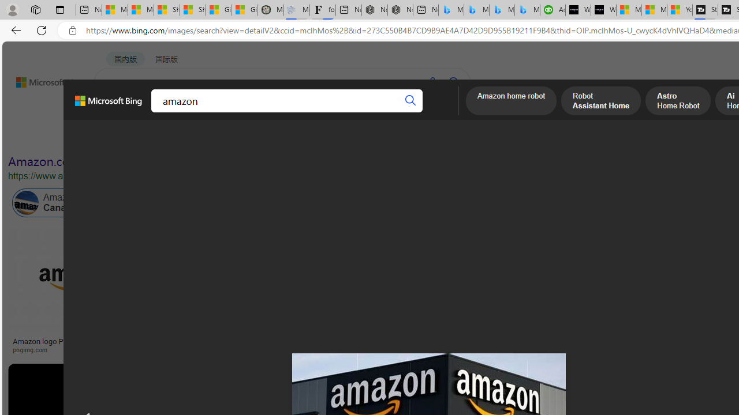  Describe the element at coordinates (552, 10) in the screenshot. I see `'Accounting Software for Accountants, CPAs and Bookkeepers'` at that location.